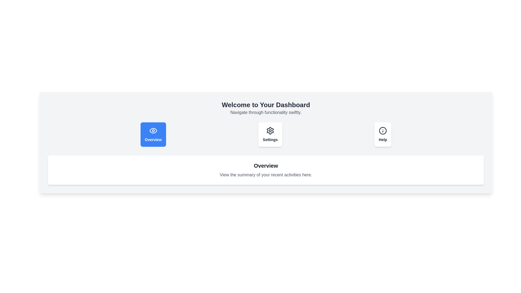  What do you see at coordinates (270, 131) in the screenshot?
I see `the settings icon located in the center of the 'Settings' card` at bounding box center [270, 131].